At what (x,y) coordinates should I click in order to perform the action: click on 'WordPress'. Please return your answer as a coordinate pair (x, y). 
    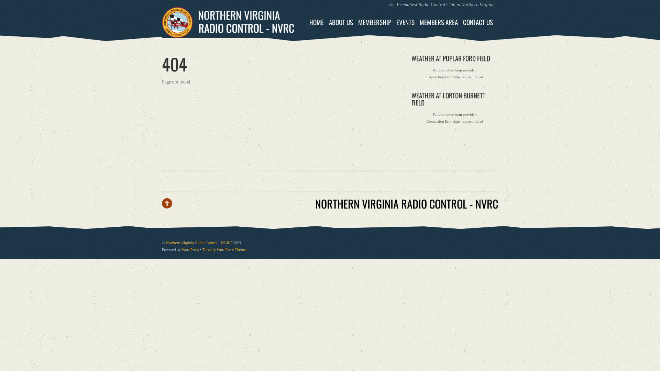
    Looking at the image, I should click on (190, 250).